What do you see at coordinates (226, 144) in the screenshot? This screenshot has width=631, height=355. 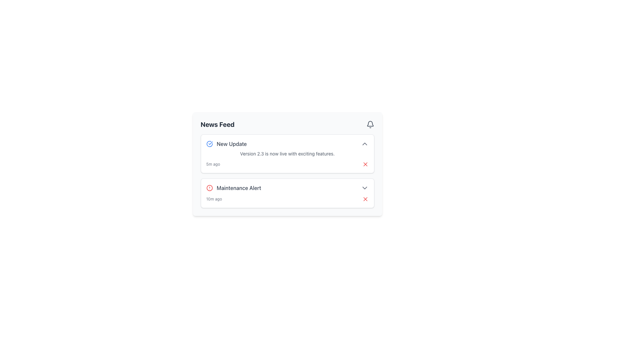 I see `the text label reading 'New Update' which is styled in medium gray font and is located in the 'News Feed' section, part of the first item in the list` at bounding box center [226, 144].